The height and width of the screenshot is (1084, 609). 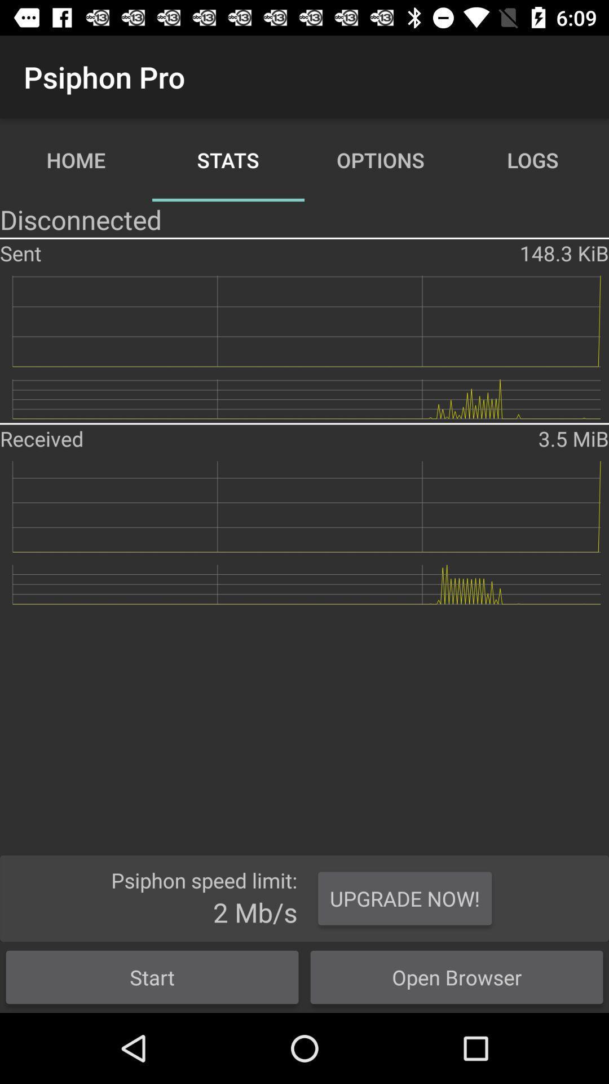 I want to click on the item next to the open browser button, so click(x=152, y=977).